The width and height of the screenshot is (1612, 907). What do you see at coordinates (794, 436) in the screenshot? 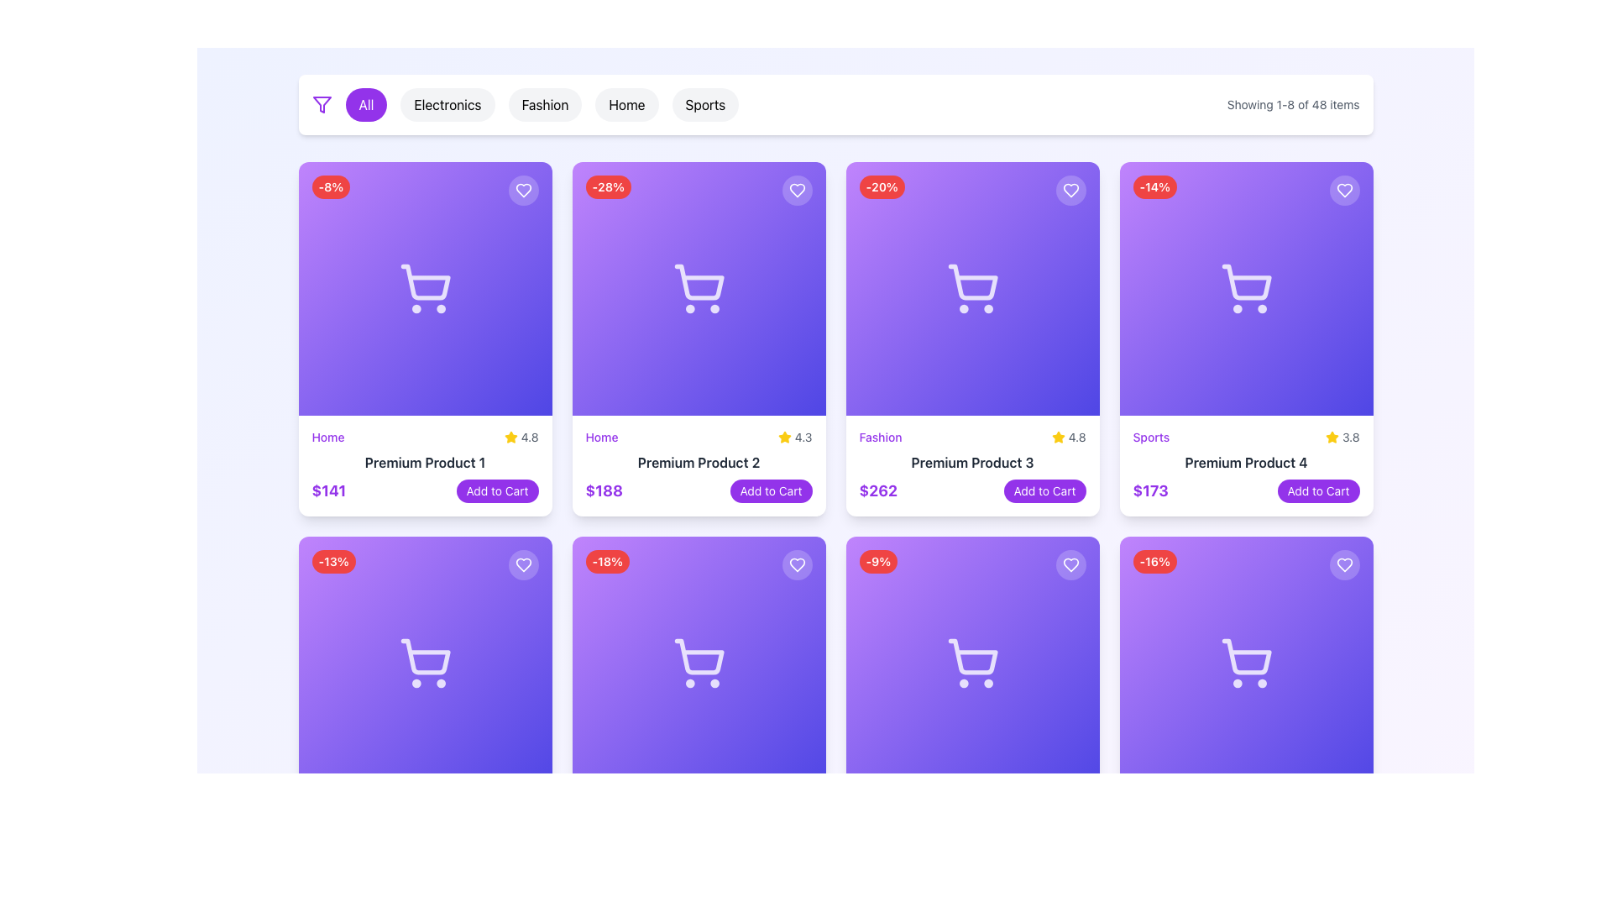
I see `text from the rating value text label located next to the star icon in the product card in the second column of the top row` at bounding box center [794, 436].